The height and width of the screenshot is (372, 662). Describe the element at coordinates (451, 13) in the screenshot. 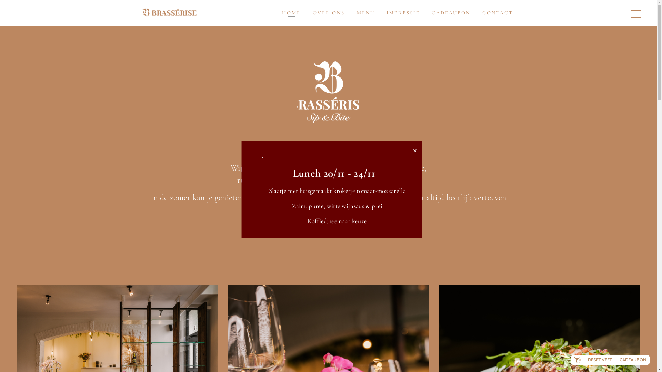

I see `'CADEAUBON'` at that location.